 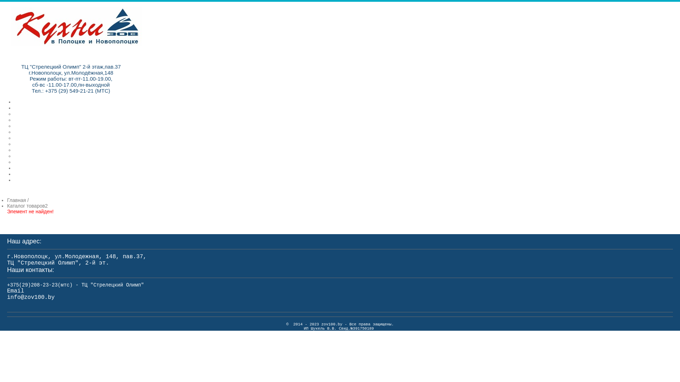 What do you see at coordinates (30, 297) in the screenshot?
I see `'info@zov100.by'` at bounding box center [30, 297].